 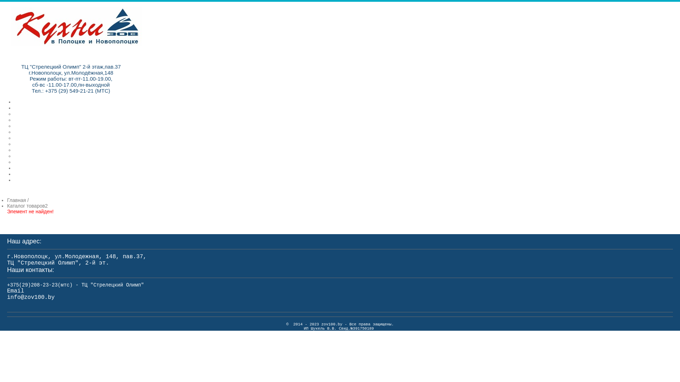 What do you see at coordinates (30, 297) in the screenshot?
I see `'info@zov100.by'` at bounding box center [30, 297].